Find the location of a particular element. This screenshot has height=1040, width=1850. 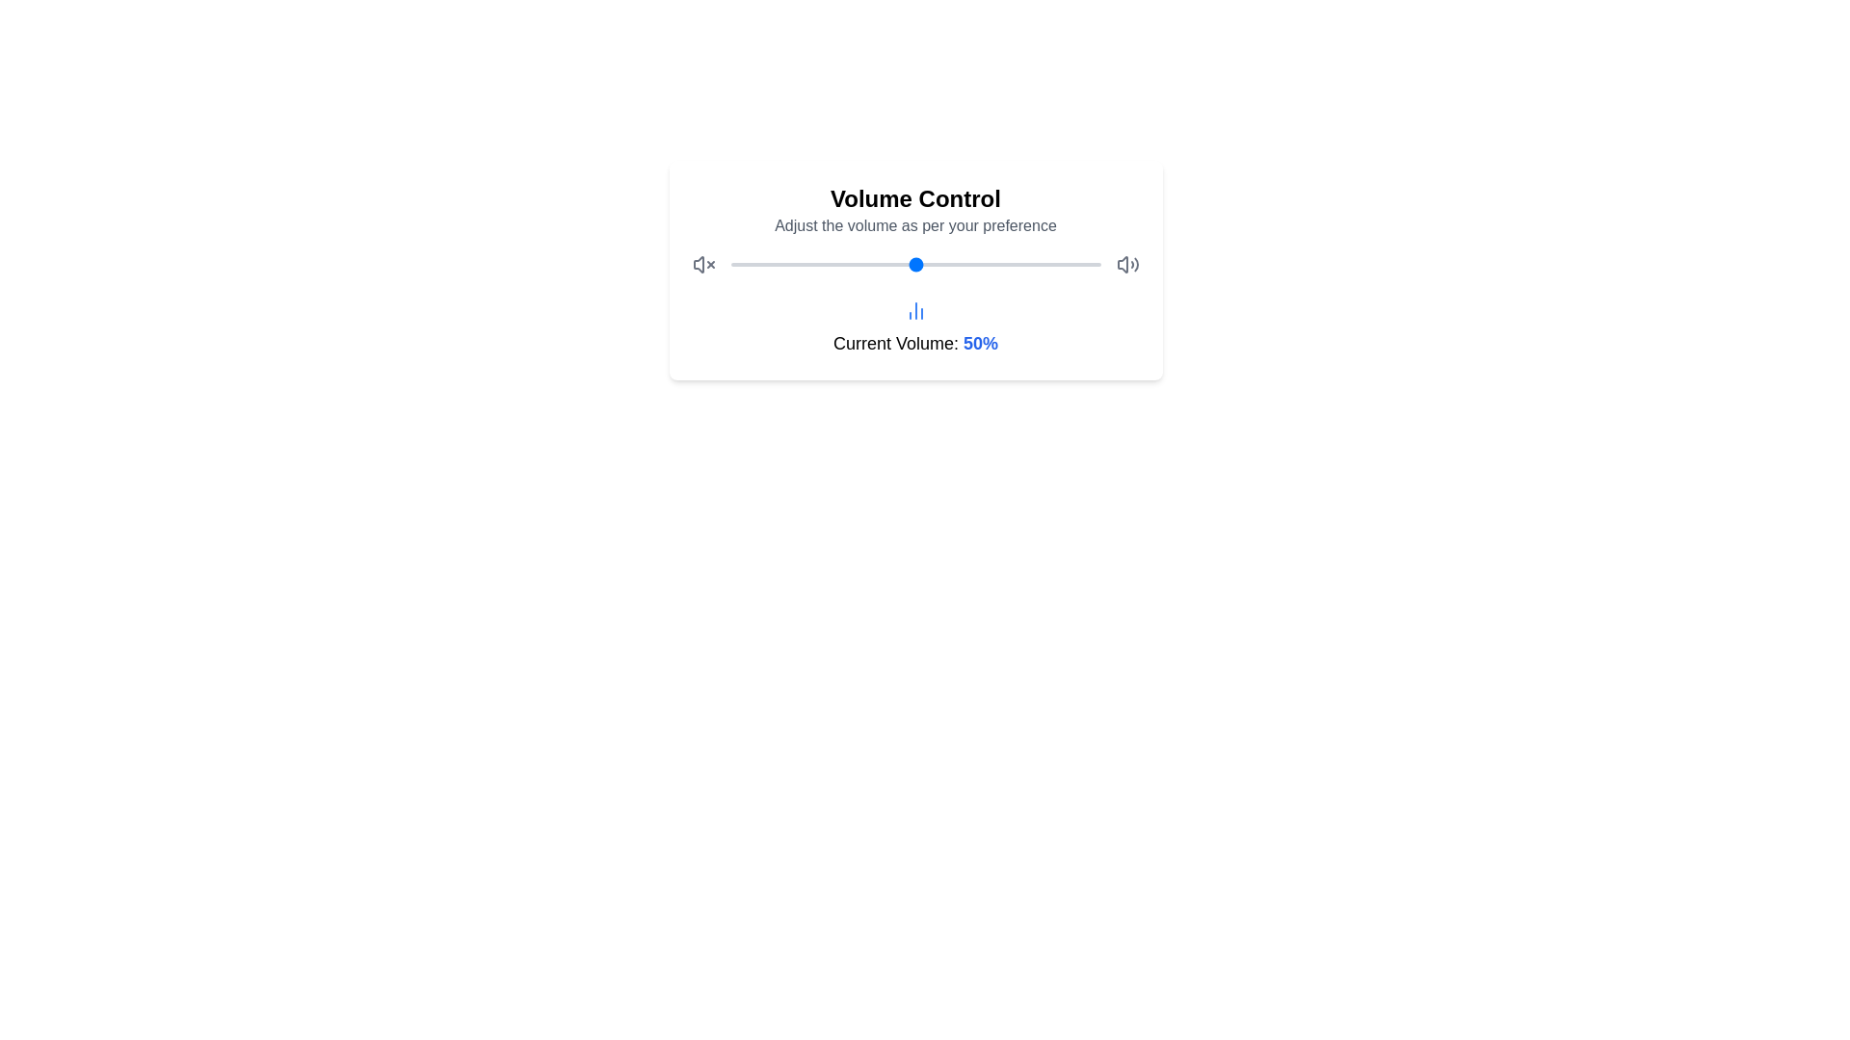

the volume slider to set the volume to 92% is located at coordinates (1070, 264).